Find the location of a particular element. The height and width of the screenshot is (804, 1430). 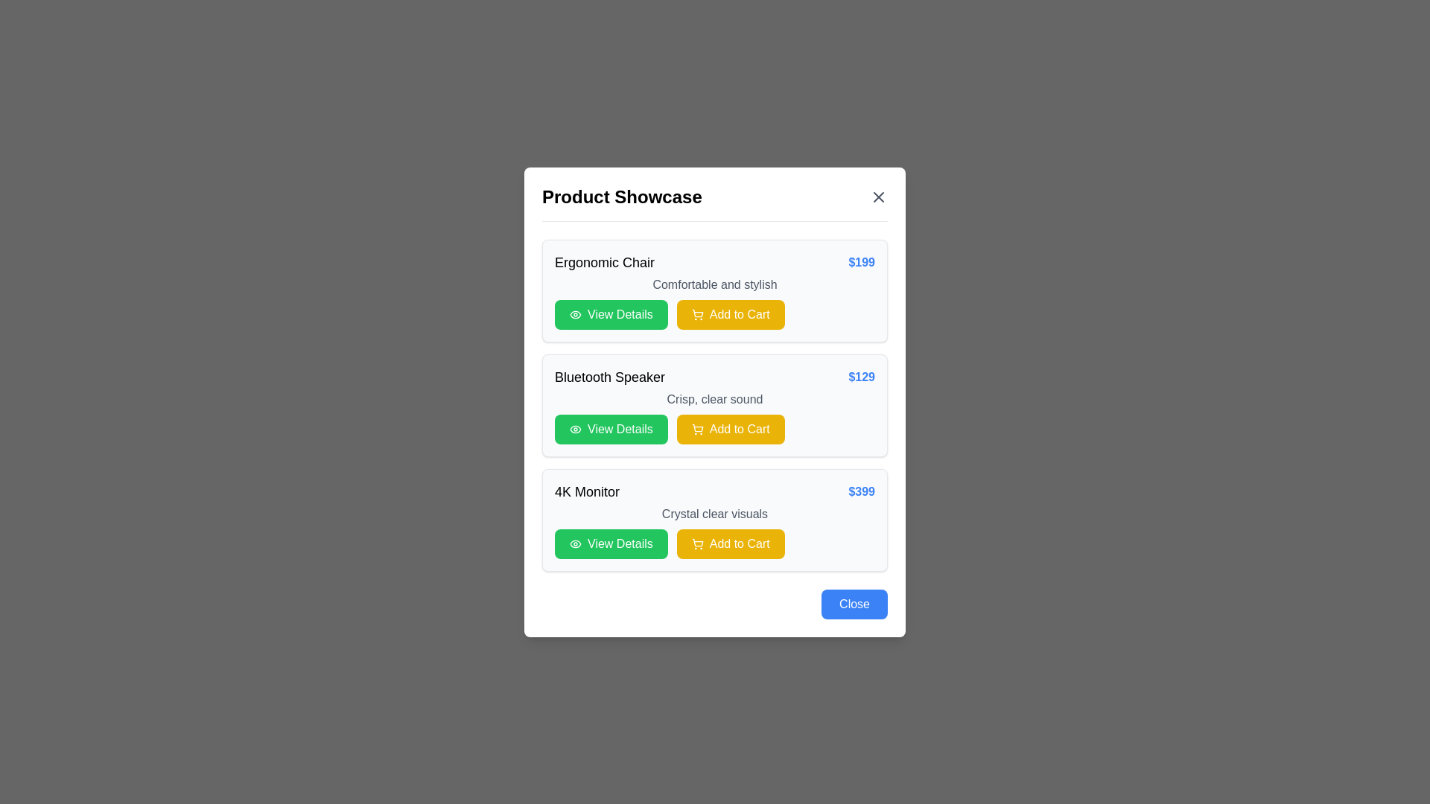

the text label within the green button that identifies the action for viewing additional details about the product '4K Monitor', located to the left of the 'Add to Cart' button is located at coordinates (620, 543).